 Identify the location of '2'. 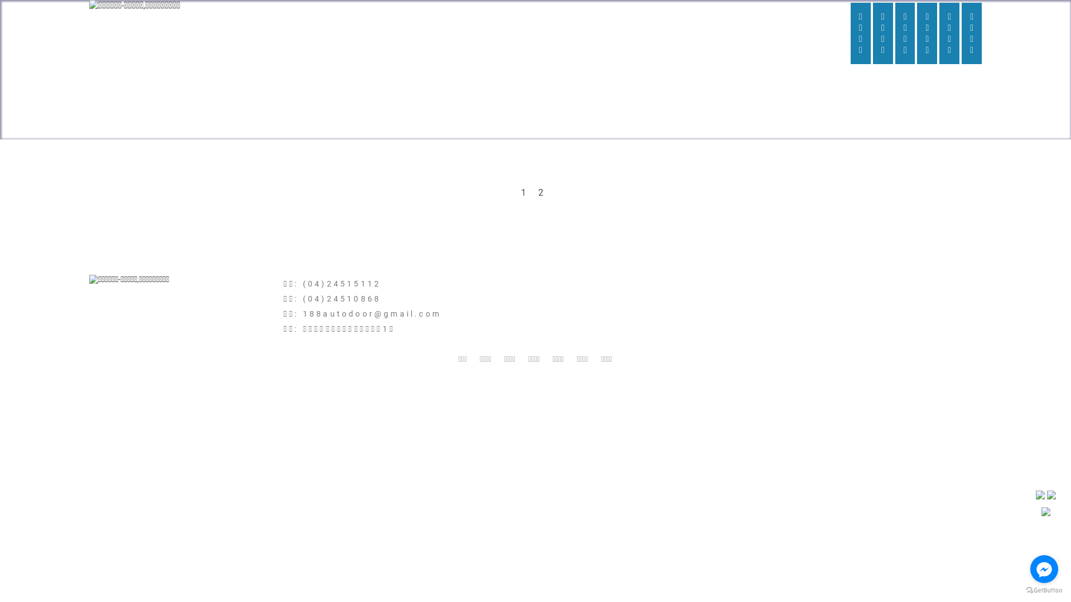
(533, 192).